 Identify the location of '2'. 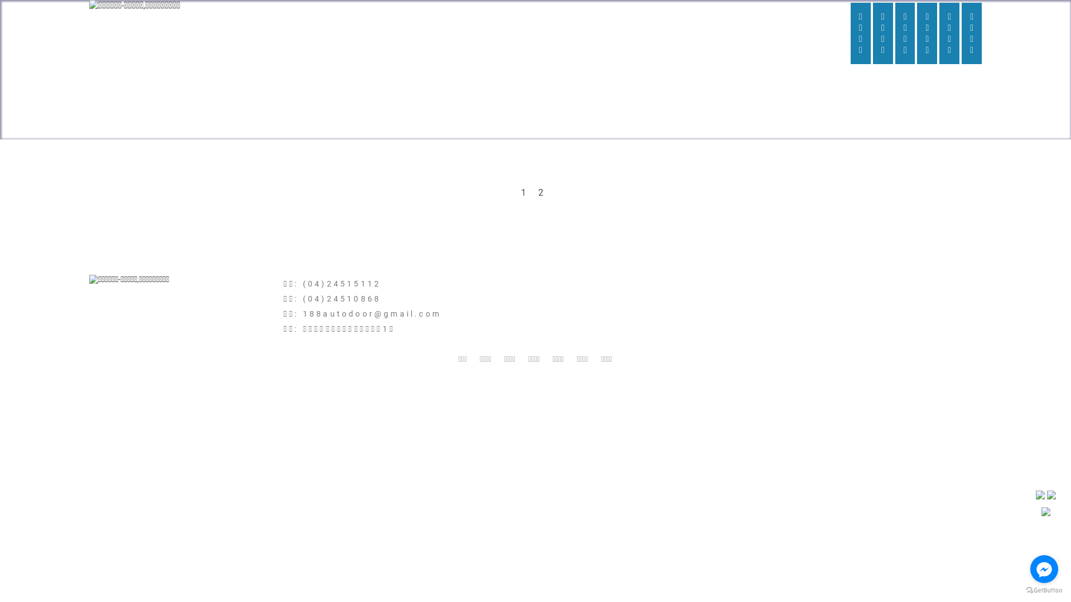
(533, 192).